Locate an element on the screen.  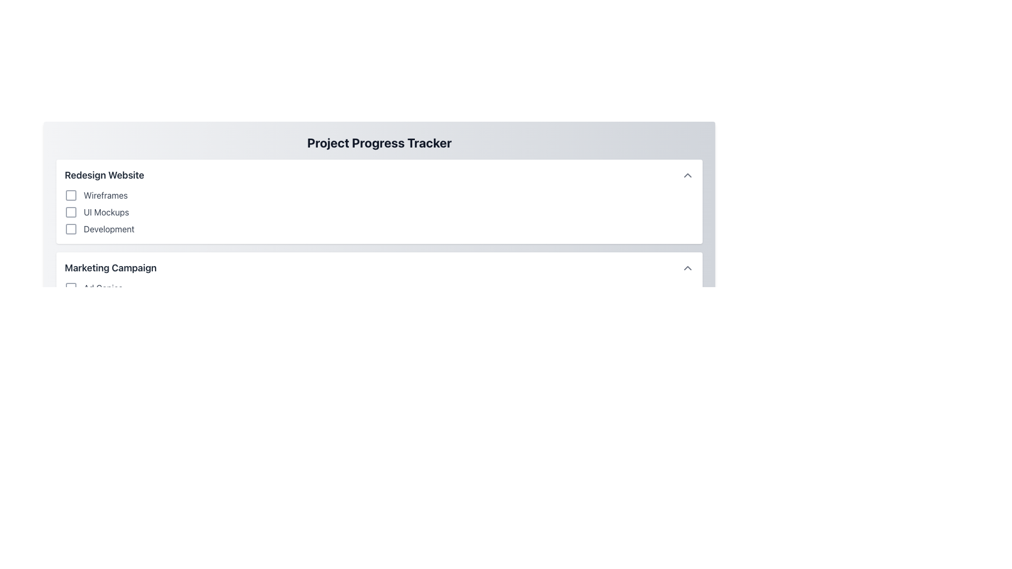
the text label displaying 'Wireframes' which is aligned to the right of the first checkbox in the 'Redesign Website' section is located at coordinates (105, 195).